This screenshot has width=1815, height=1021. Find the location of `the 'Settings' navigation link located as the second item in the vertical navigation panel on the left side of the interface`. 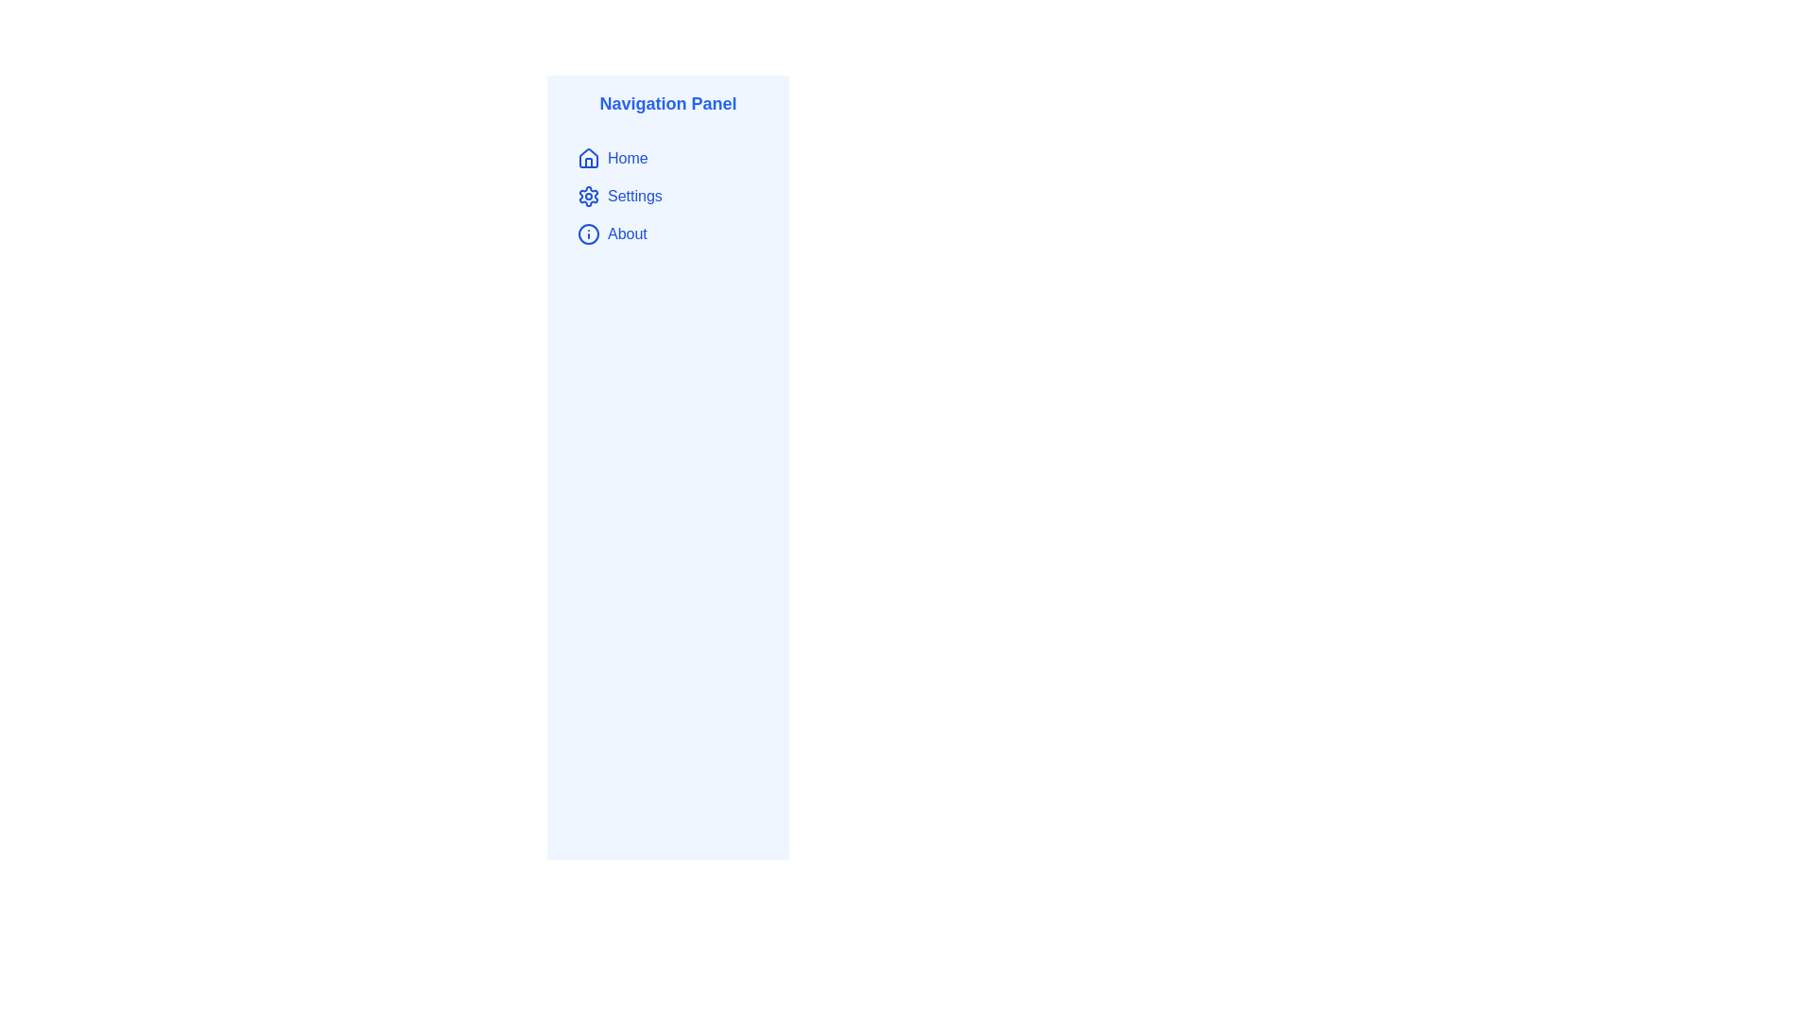

the 'Settings' navigation link located as the second item in the vertical navigation panel on the left side of the interface is located at coordinates (635, 197).